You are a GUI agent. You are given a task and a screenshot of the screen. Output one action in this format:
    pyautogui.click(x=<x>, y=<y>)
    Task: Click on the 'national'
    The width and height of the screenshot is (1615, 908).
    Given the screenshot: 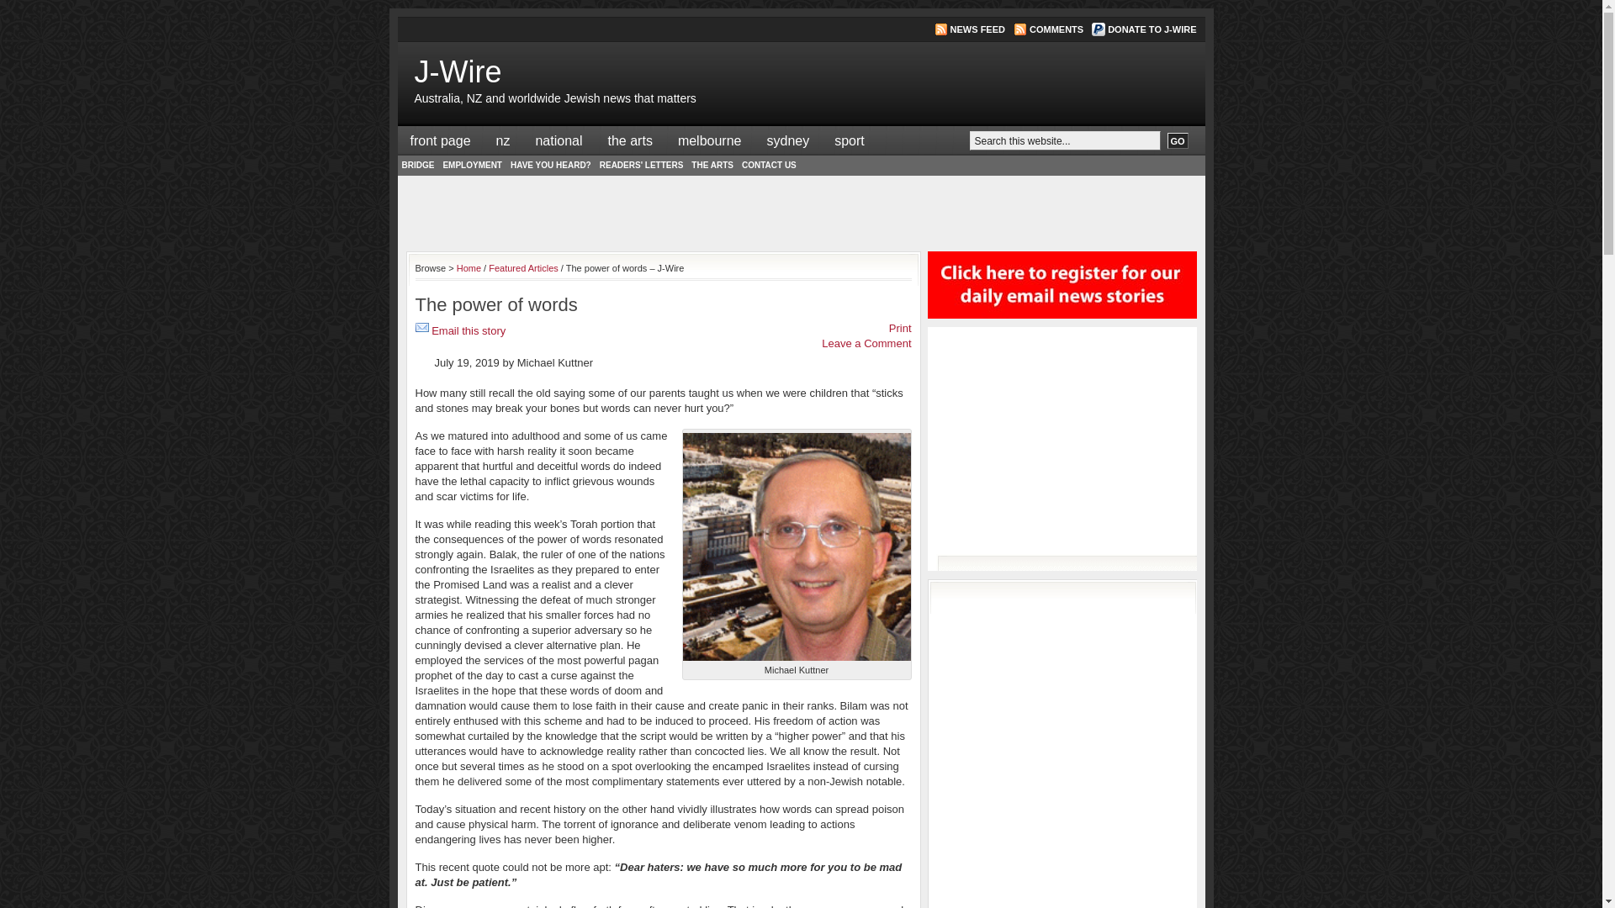 What is the action you would take?
    pyautogui.click(x=558, y=140)
    